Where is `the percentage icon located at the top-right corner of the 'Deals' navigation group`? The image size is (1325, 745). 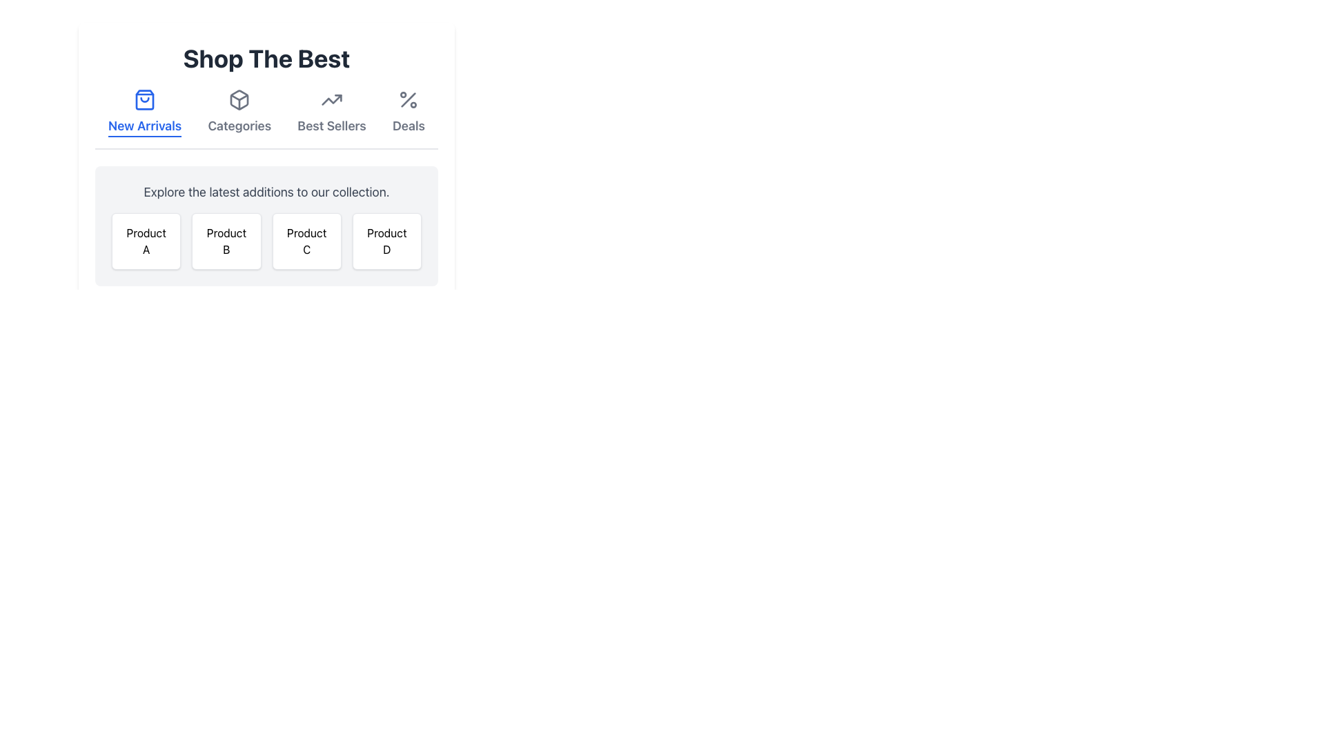 the percentage icon located at the top-right corner of the 'Deals' navigation group is located at coordinates (408, 99).